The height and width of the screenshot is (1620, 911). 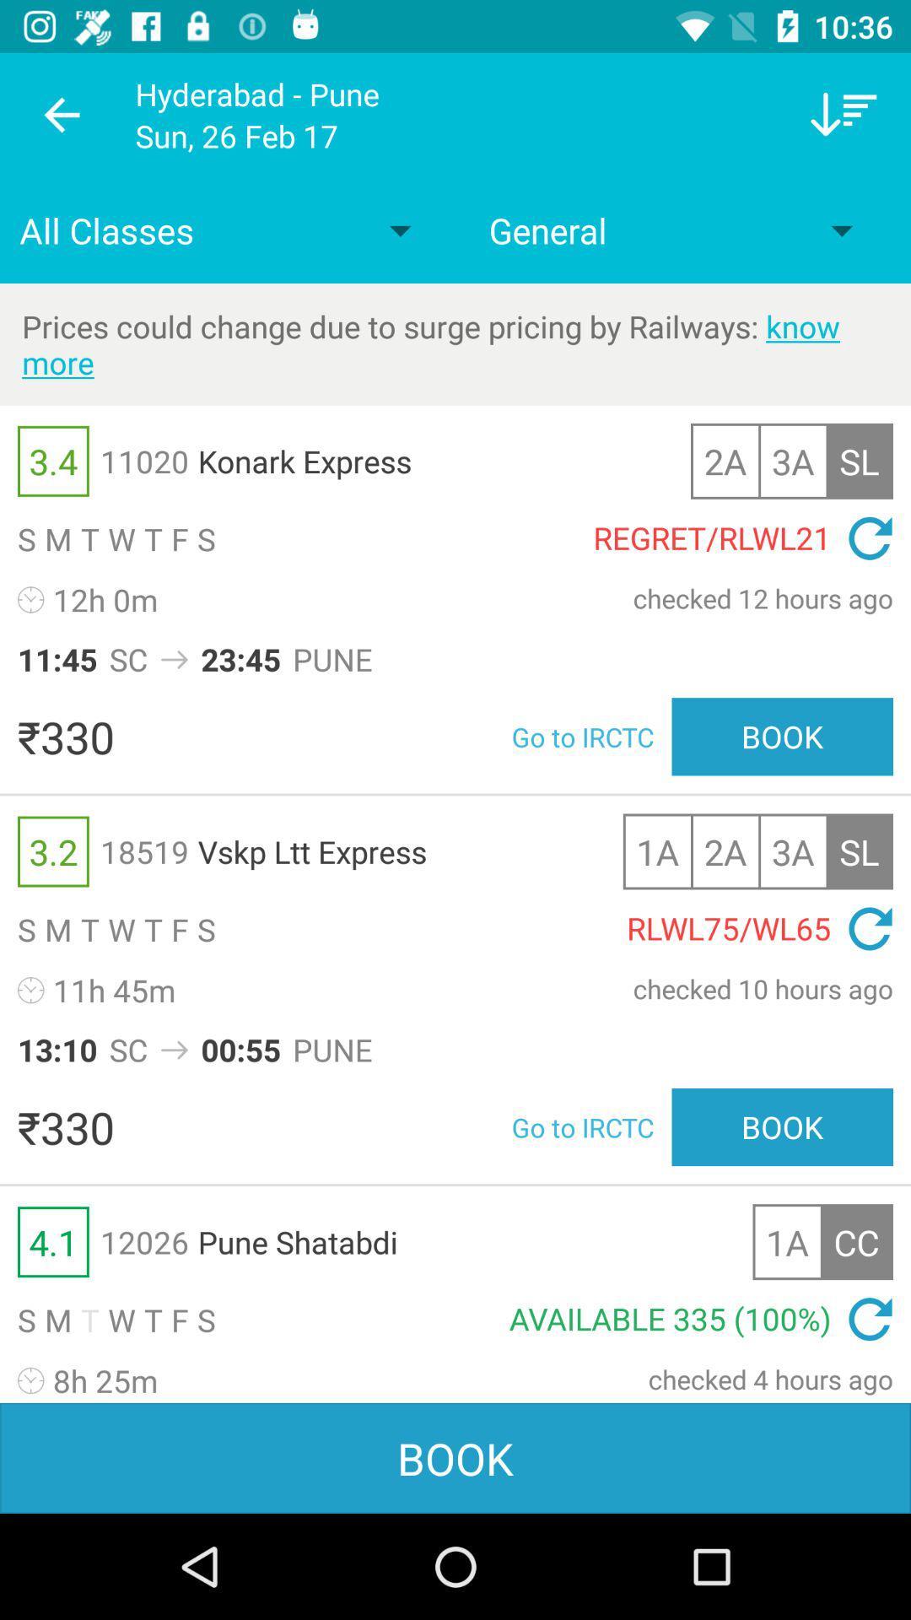 I want to click on reorders page, so click(x=844, y=114).